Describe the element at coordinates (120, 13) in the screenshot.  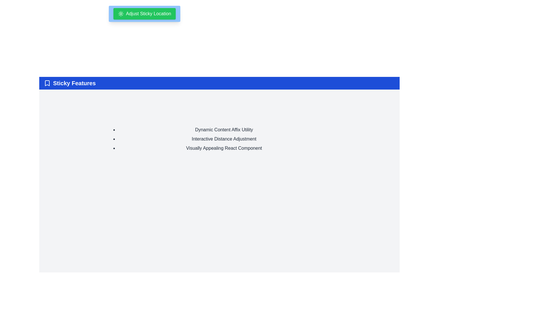
I see `the icon located within the green button titled 'Adjust Sticky Location', which serves as a decorative or contextual visual indicator related to settings or options` at that location.